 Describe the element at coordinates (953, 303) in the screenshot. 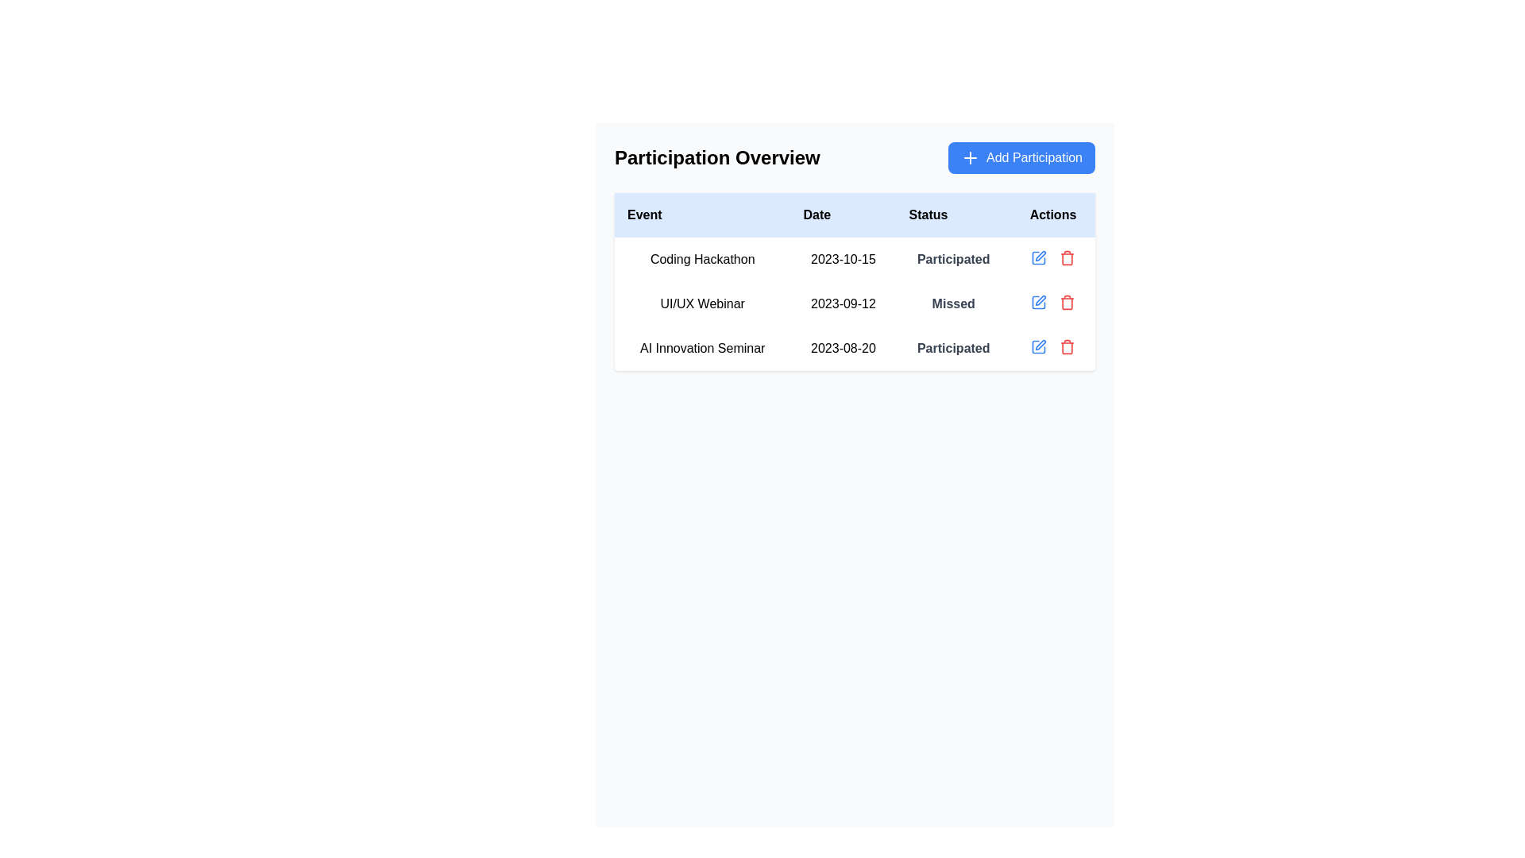

I see `the 'Missed' text label in the 'Status' column of the 'UI/UX Webinar' row in the 'Participation Overview' section` at that location.